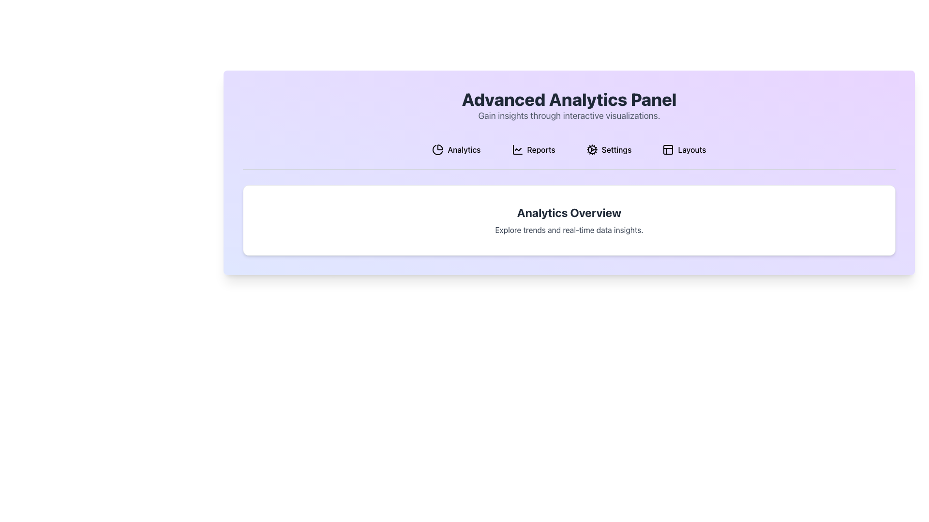 The image size is (929, 522). Describe the element at coordinates (569, 115) in the screenshot. I see `text from the Text Label that says 'Gain insights through interactive visualizations.' which is located centrally below the 'Advanced Analytics Panel' on a light purple background` at that location.